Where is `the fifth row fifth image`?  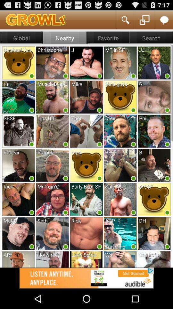
the fifth row fifth image is located at coordinates (154, 199).